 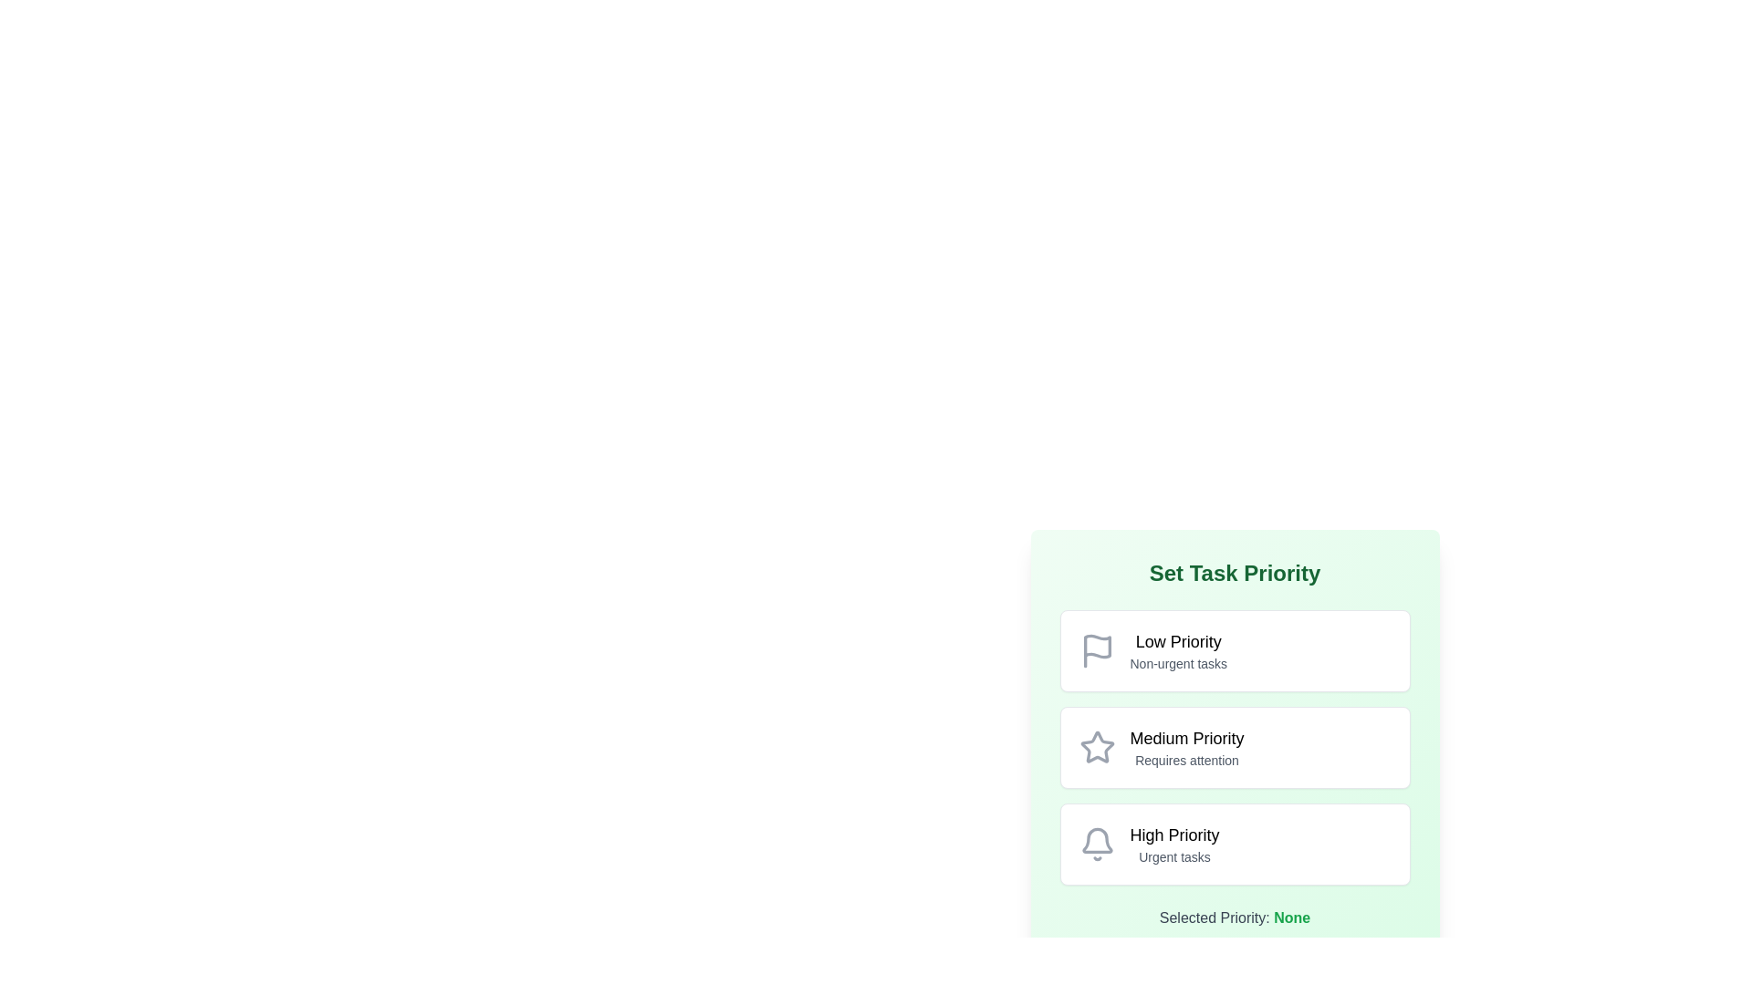 What do you see at coordinates (1215, 918) in the screenshot?
I see `the text label reading 'Selected Priority:' styled in gray, located at the bottom of the interface, to the left of 'None'` at bounding box center [1215, 918].